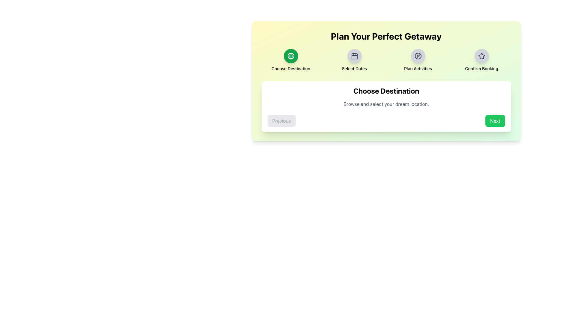 This screenshot has height=324, width=576. I want to click on the circular vector graphic element with a radius of 10 units, defined within an SVG tag in the 'Plan Activities' section, so click(418, 56).